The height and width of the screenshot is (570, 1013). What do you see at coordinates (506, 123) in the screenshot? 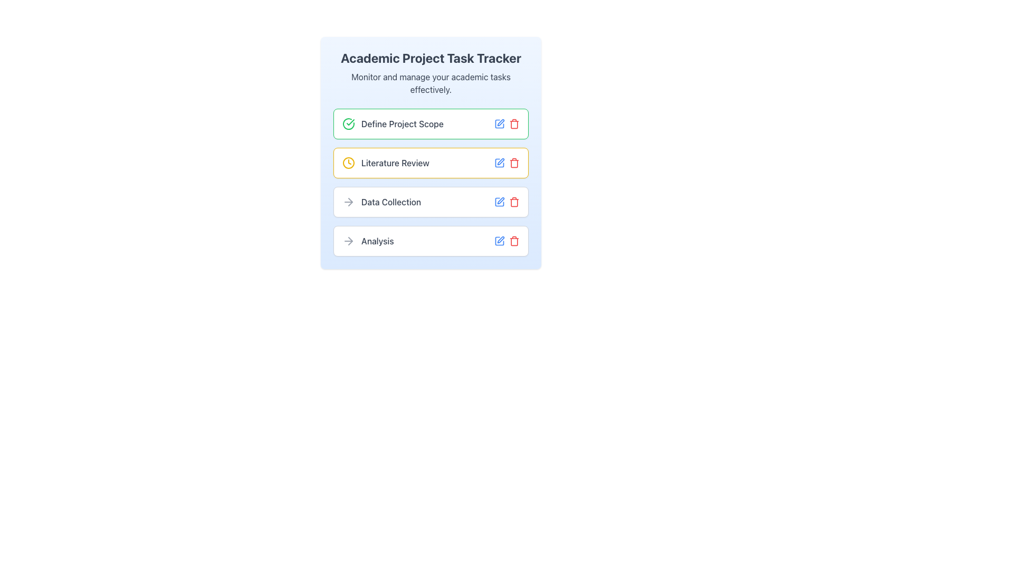
I see `the blue pen icon representing the edit action located to the right of the 'Define Project Scope' text` at bounding box center [506, 123].